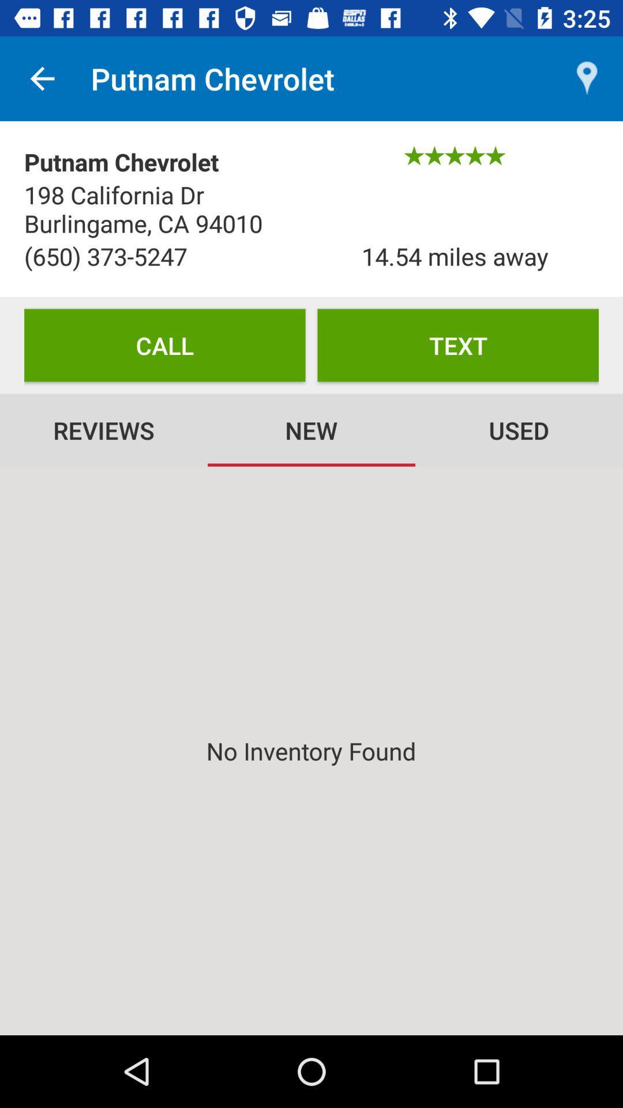  I want to click on the call, so click(164, 345).